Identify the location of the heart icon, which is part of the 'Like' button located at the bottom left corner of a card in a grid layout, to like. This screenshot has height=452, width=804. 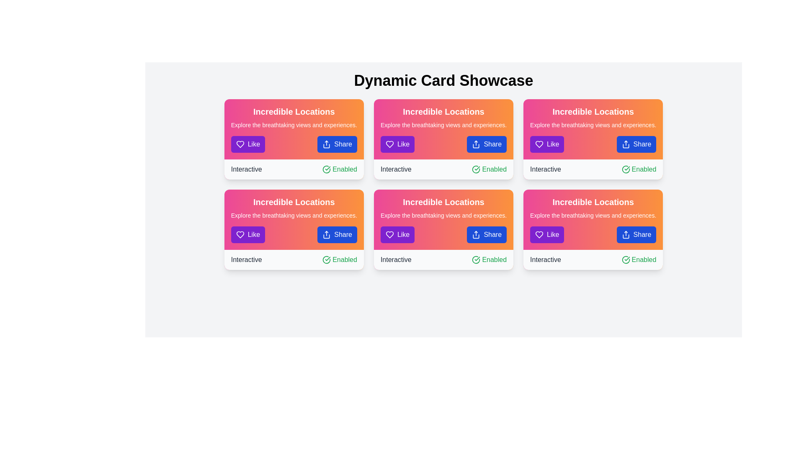
(539, 234).